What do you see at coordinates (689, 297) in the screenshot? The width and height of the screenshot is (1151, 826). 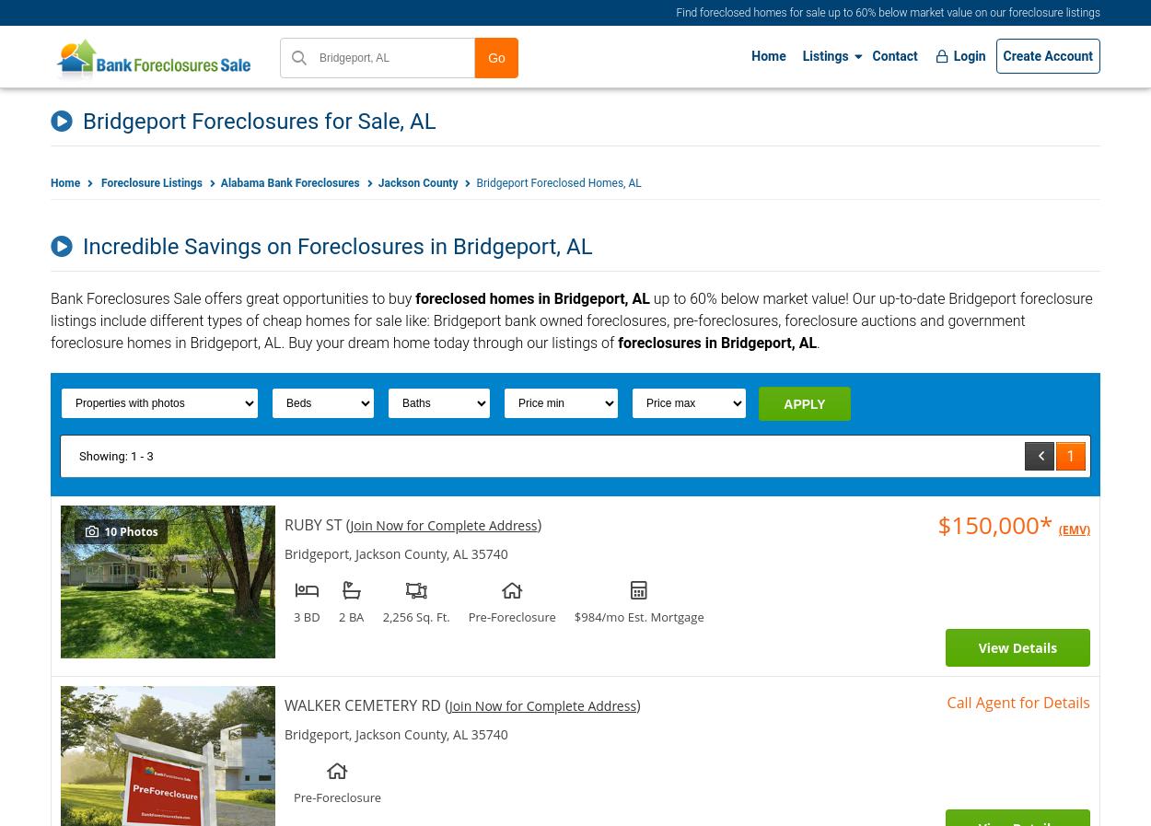 I see `'60% below market value'` at bounding box center [689, 297].